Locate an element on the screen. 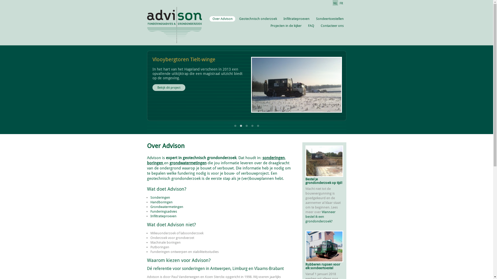 The height and width of the screenshot is (279, 497). 'Wanneer bestel ik een grondonderzoek?' is located at coordinates (305, 216).